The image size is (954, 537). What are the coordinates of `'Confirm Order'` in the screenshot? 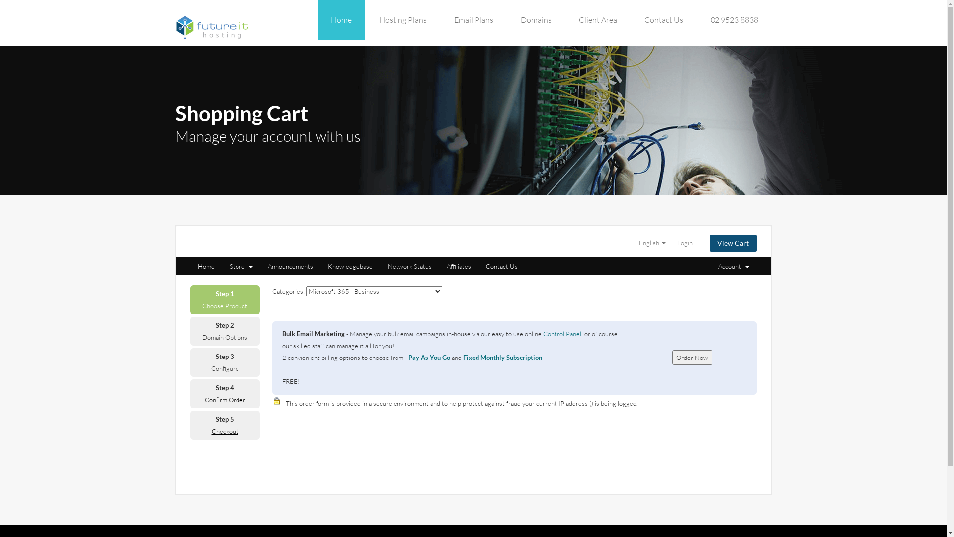 It's located at (224, 399).